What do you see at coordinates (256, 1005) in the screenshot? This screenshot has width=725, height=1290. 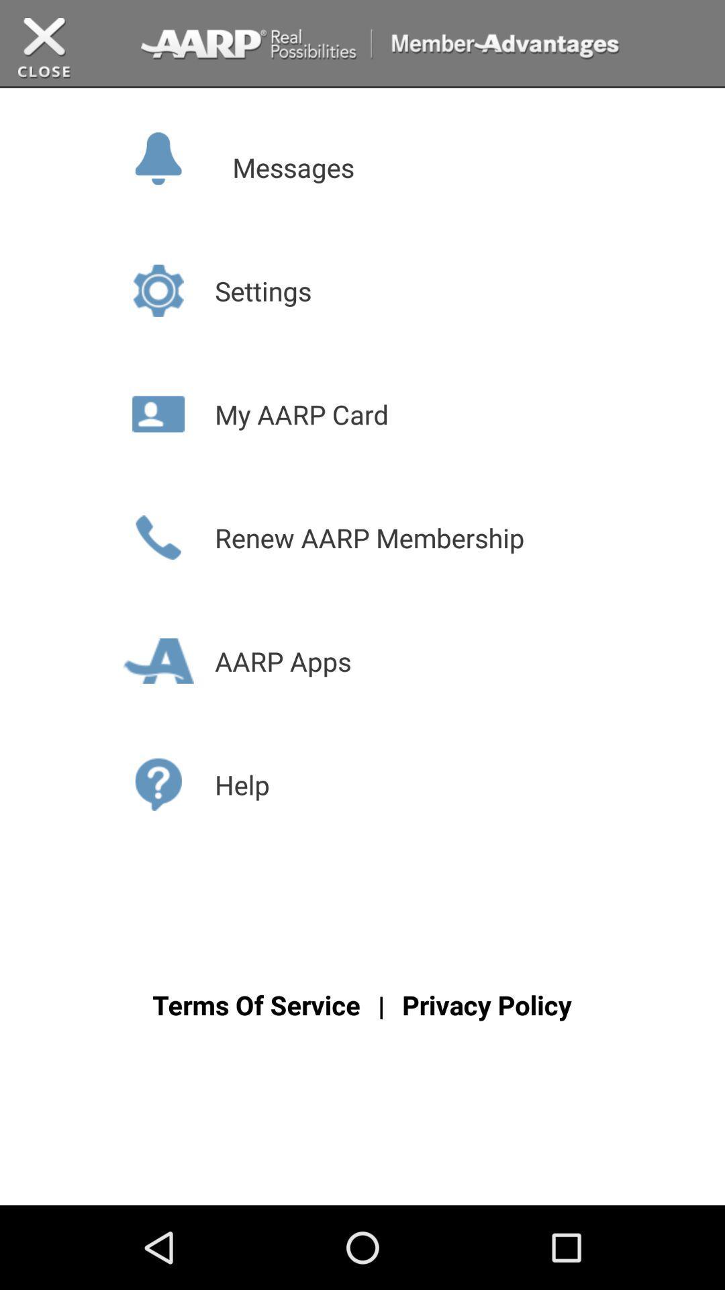 I see `the text terms of services` at bounding box center [256, 1005].